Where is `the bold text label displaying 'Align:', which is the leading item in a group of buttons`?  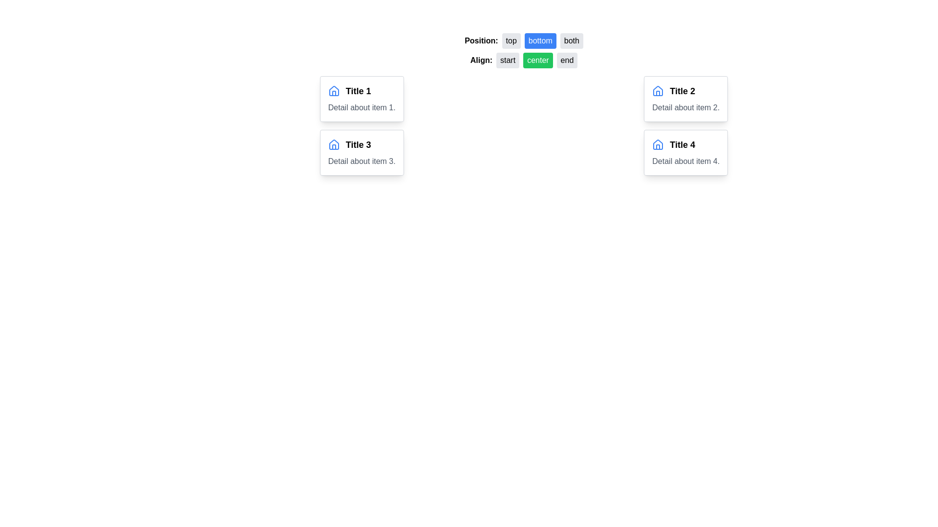
the bold text label displaying 'Align:', which is the leading item in a group of buttons is located at coordinates (481, 60).